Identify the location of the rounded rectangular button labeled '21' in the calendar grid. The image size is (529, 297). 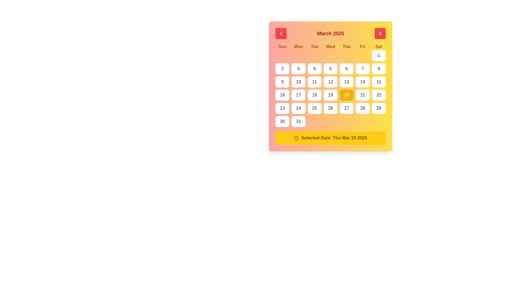
(363, 95).